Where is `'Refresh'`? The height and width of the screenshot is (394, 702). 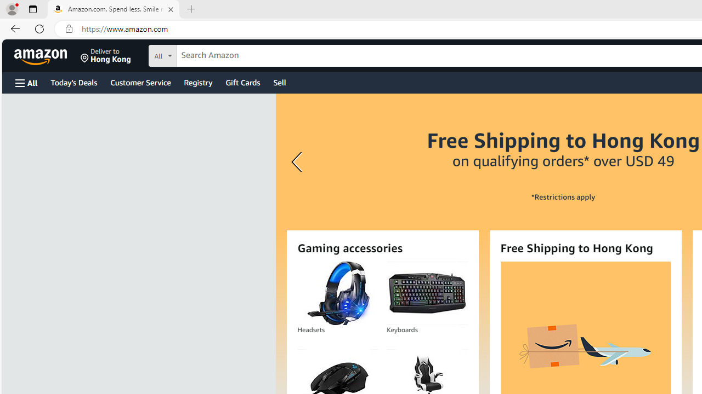
'Refresh' is located at coordinates (39, 28).